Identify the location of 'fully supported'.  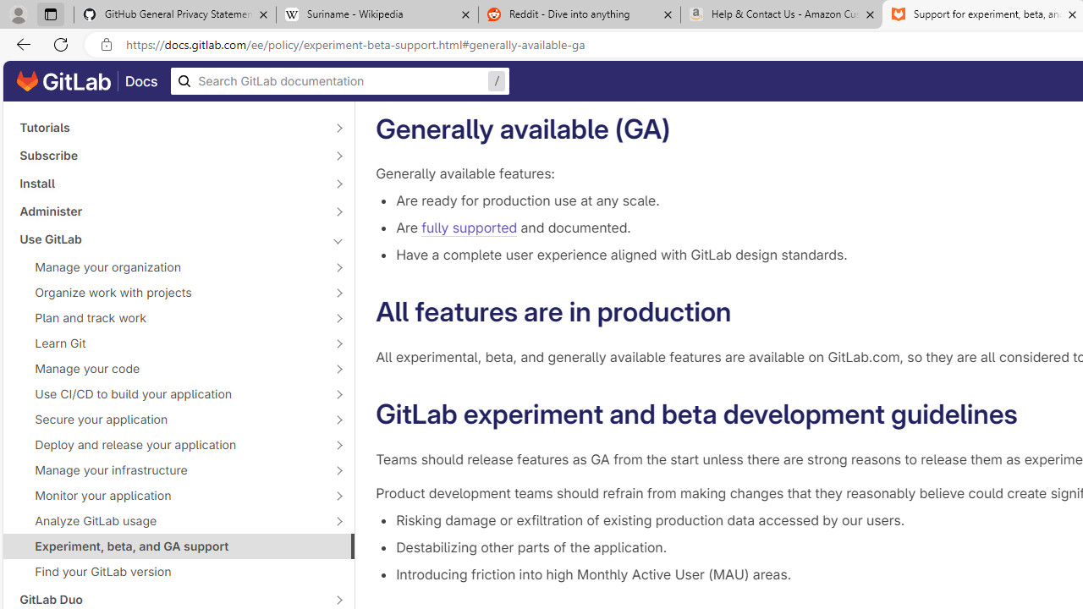
(469, 228).